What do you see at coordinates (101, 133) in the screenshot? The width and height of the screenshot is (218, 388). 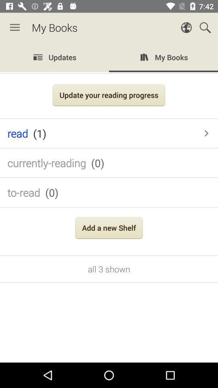 I see `the icon below update your reading` at bounding box center [101, 133].